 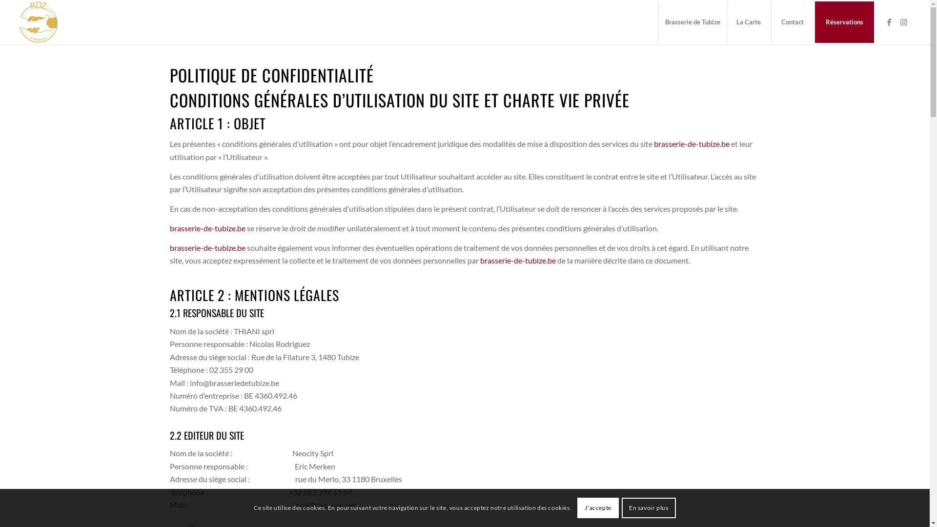 I want to click on 'Instagram', so click(x=903, y=22).